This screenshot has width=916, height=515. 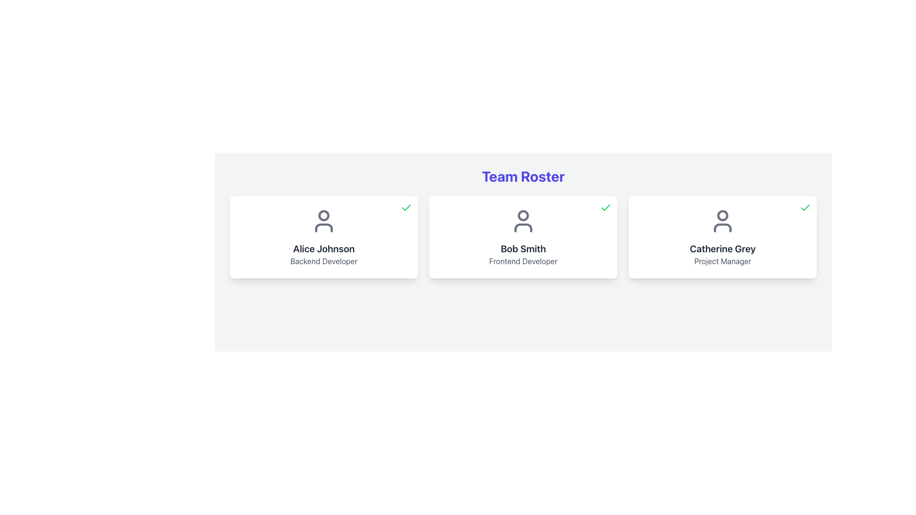 What do you see at coordinates (406, 207) in the screenshot?
I see `the confirmation icon located in the top-right corner of the card labeled 'Alice Johnson', which indicates that the associated item is confirmed, active, or selected` at bounding box center [406, 207].